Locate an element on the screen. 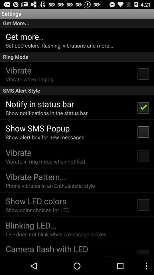 The width and height of the screenshot is (154, 275). the vibrate pattern... is located at coordinates (36, 176).